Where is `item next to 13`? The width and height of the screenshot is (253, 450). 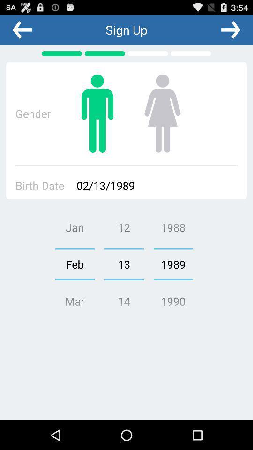
item next to 13 is located at coordinates (74, 264).